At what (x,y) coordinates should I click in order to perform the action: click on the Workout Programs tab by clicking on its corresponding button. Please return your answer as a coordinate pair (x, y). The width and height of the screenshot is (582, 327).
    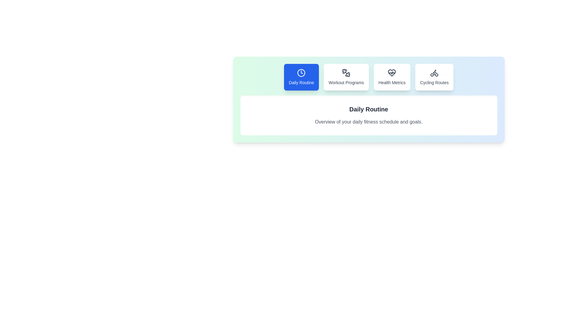
    Looking at the image, I should click on (346, 77).